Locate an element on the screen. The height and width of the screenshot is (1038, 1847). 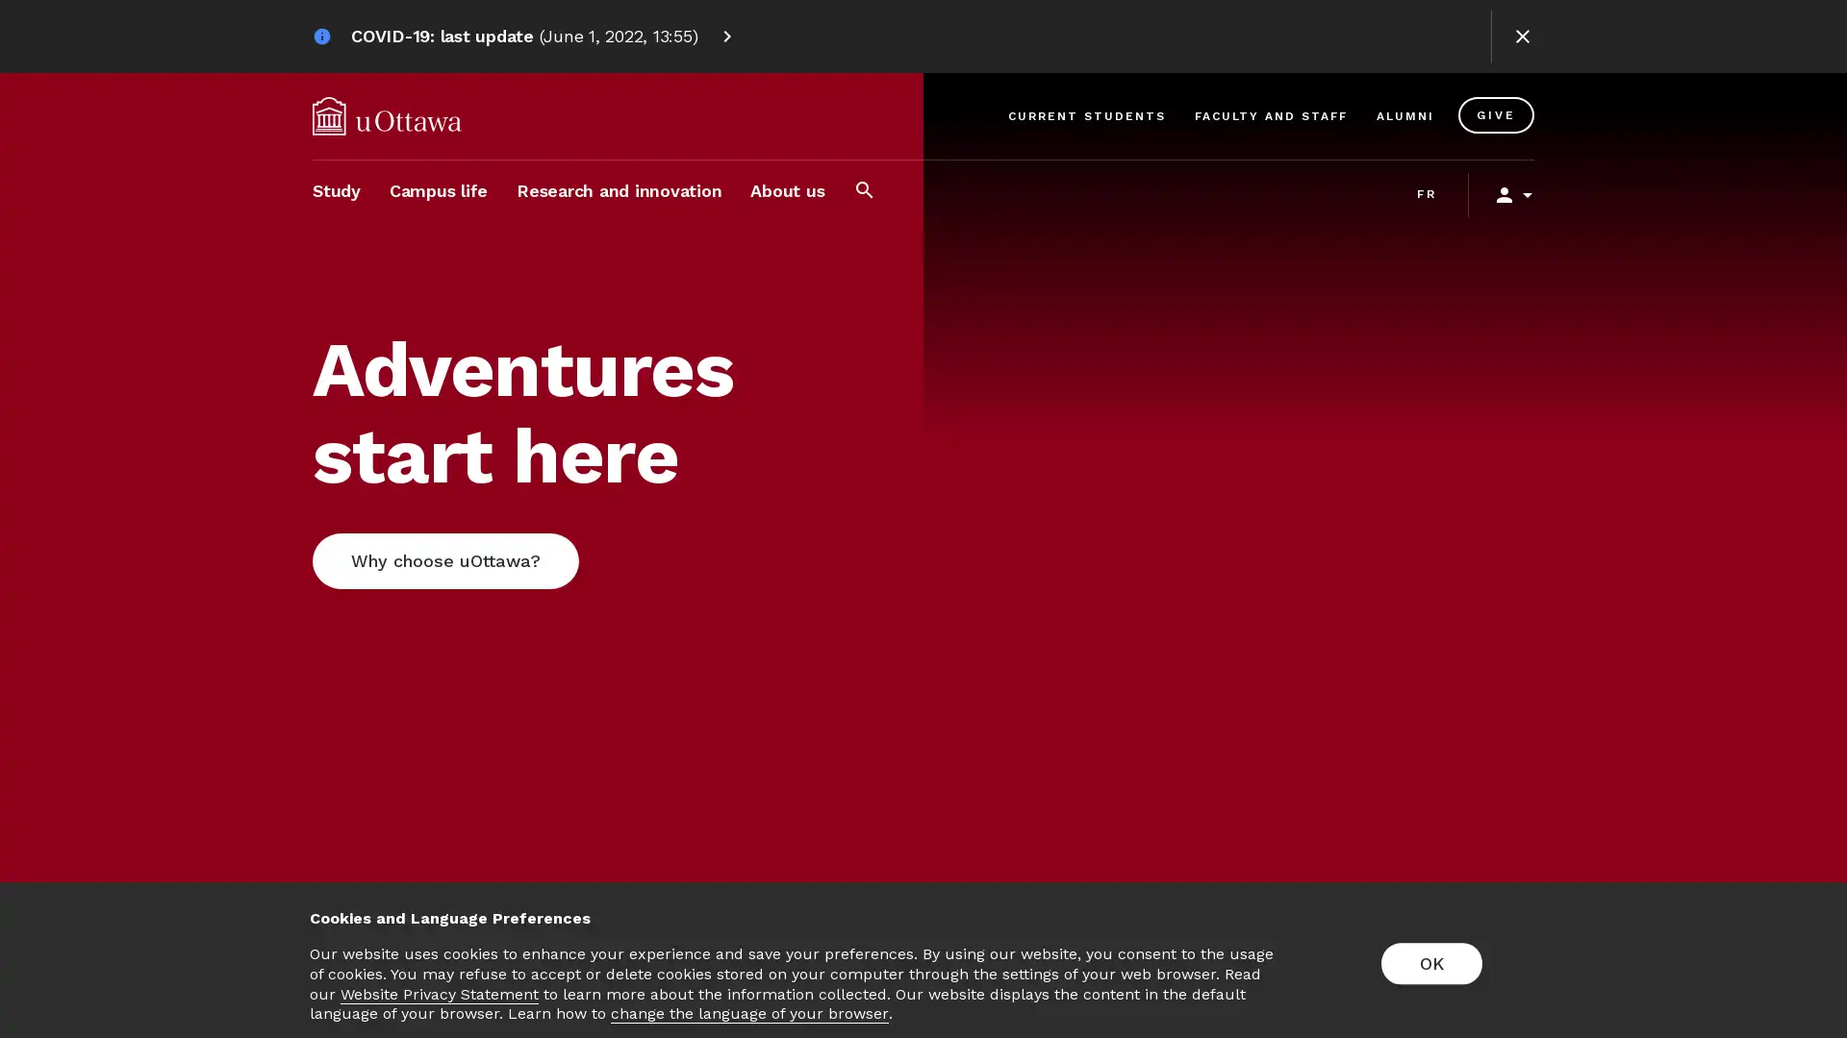
Display login links is located at coordinates (1505, 195).